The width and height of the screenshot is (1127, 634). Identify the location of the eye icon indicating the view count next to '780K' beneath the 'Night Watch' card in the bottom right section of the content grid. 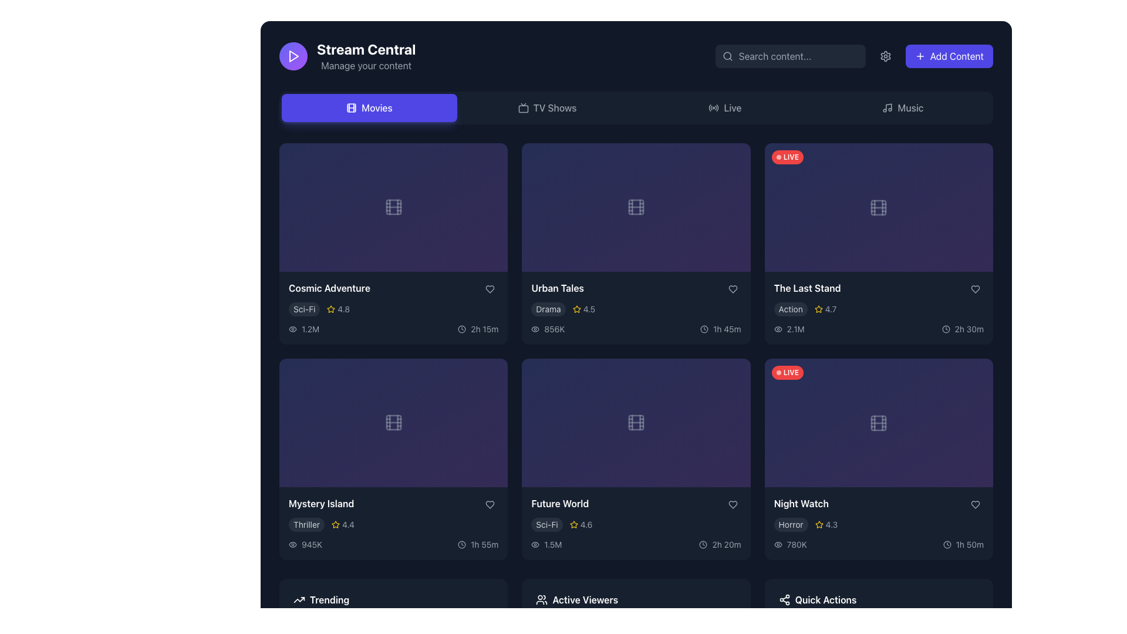
(778, 545).